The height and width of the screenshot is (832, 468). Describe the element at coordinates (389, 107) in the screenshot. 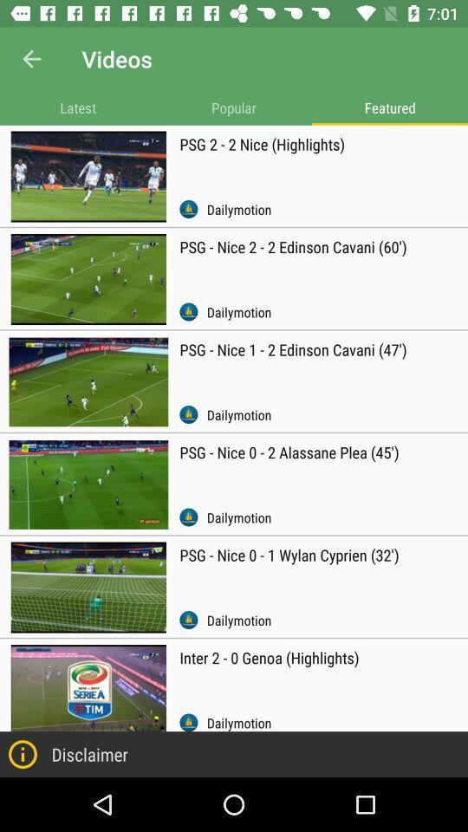

I see `the featured item` at that location.